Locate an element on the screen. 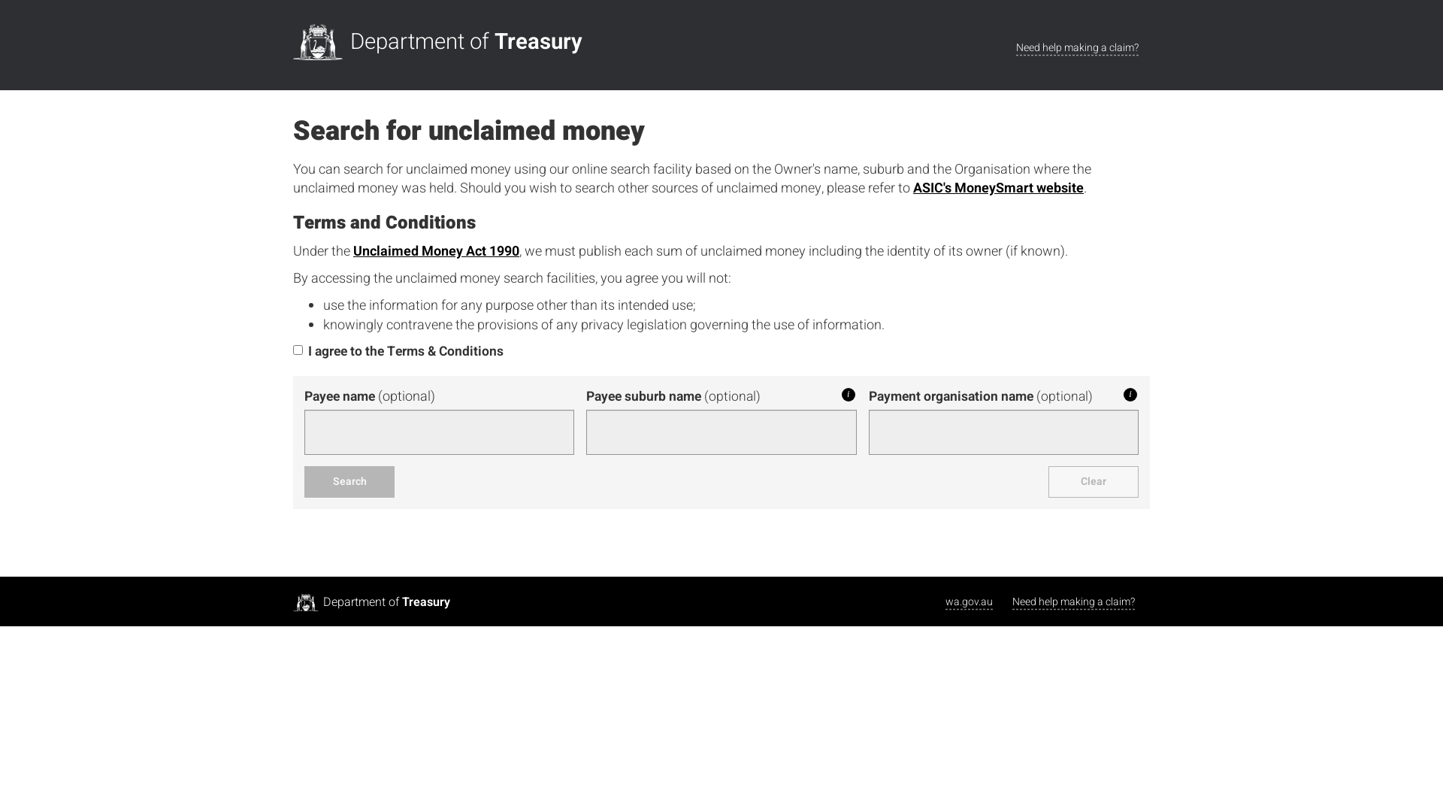  'on' is located at coordinates (292, 350).